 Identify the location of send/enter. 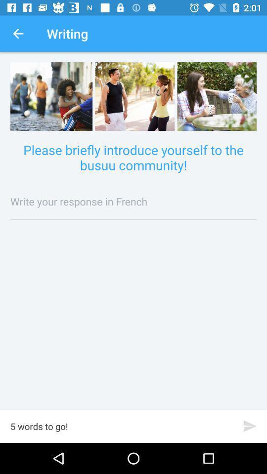
(249, 426).